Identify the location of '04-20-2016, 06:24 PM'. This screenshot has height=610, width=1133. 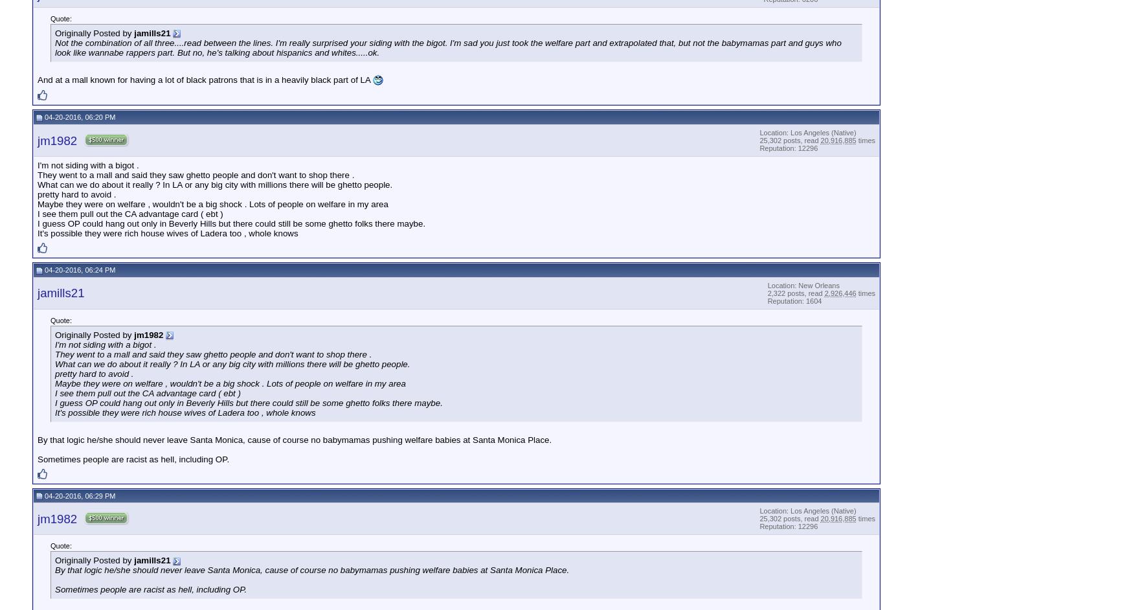
(78, 270).